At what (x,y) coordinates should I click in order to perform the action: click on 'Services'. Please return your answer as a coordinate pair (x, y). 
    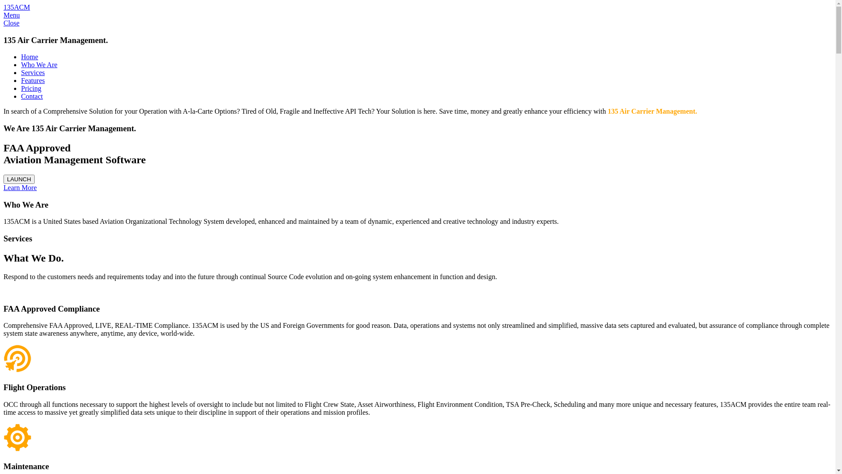
    Looking at the image, I should click on (33, 72).